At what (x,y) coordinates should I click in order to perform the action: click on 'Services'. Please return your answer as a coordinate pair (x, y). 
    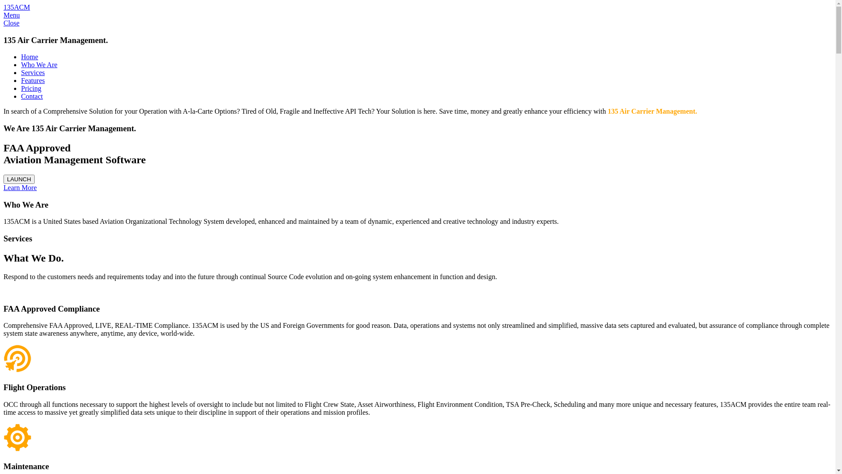
    Looking at the image, I should click on (33, 72).